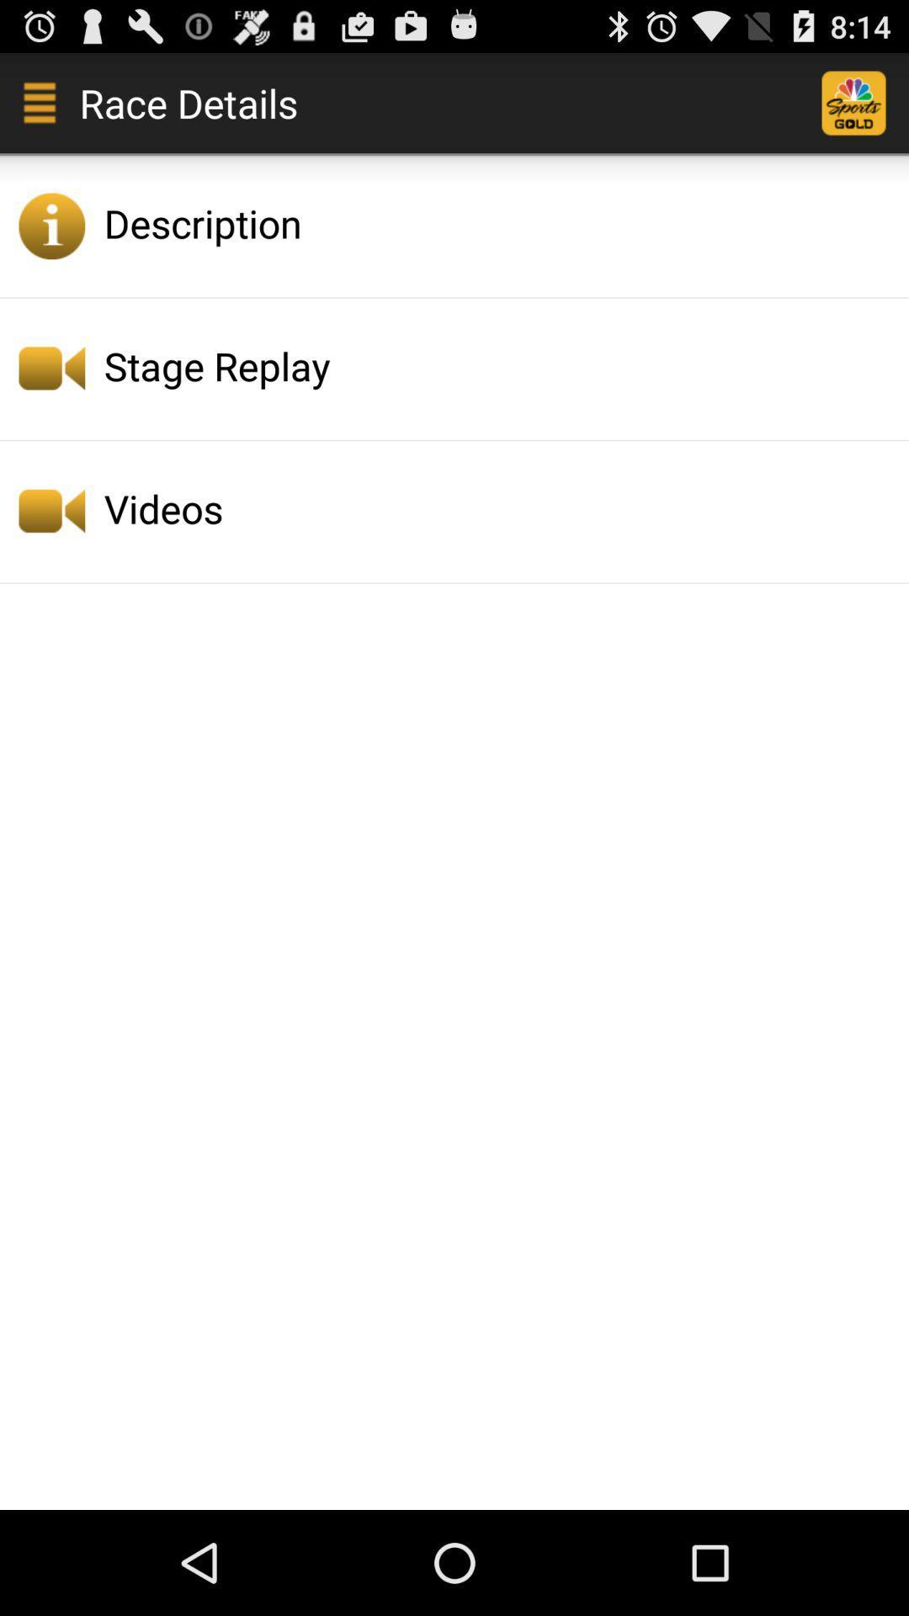  Describe the element at coordinates (501, 364) in the screenshot. I see `the icon below description icon` at that location.